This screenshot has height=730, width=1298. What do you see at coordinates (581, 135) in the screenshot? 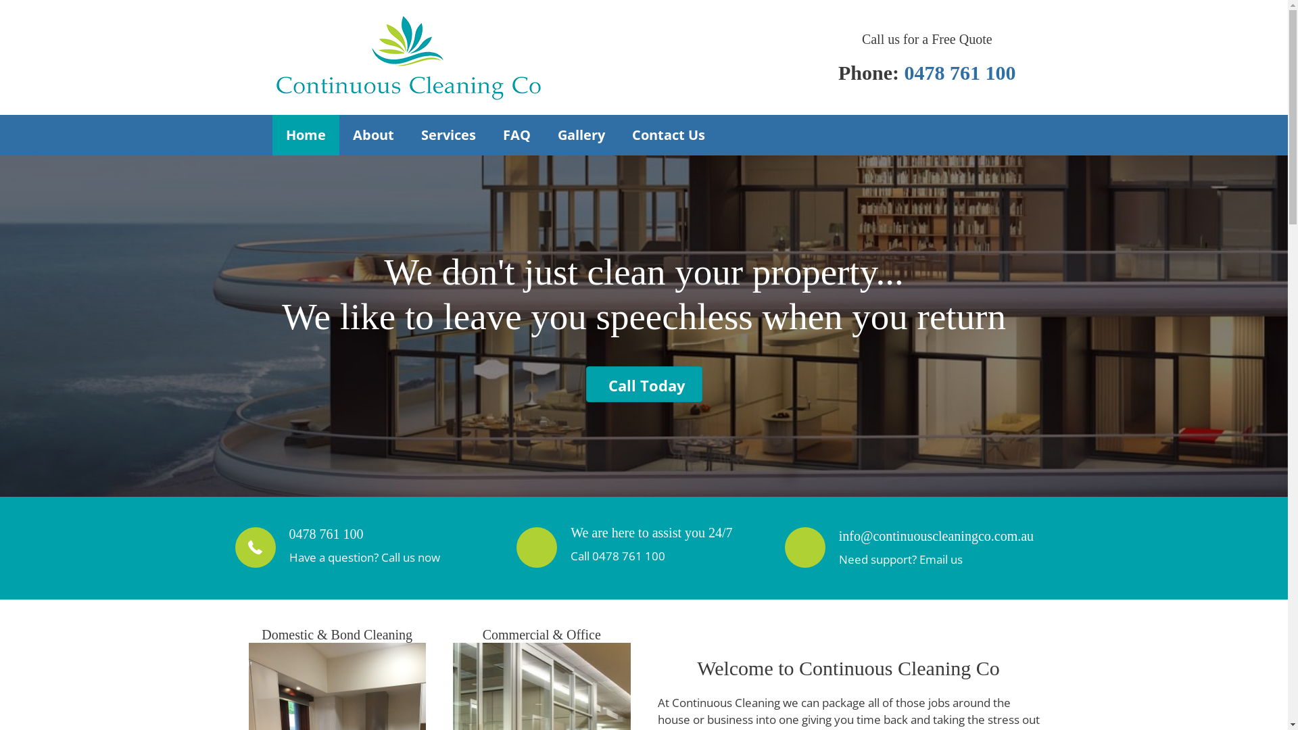
I see `'Gallery'` at bounding box center [581, 135].